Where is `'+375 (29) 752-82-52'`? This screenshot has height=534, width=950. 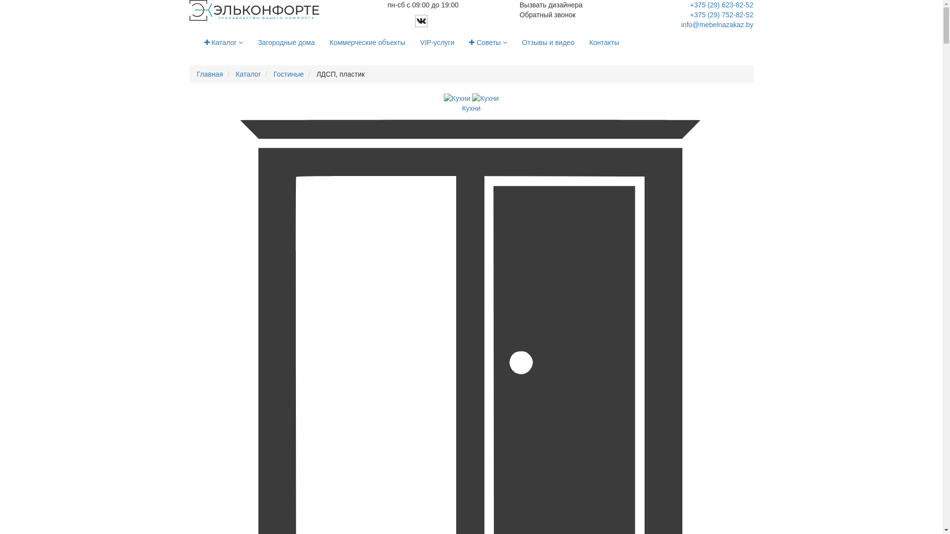
'+375 (29) 752-82-52' is located at coordinates (721, 15).